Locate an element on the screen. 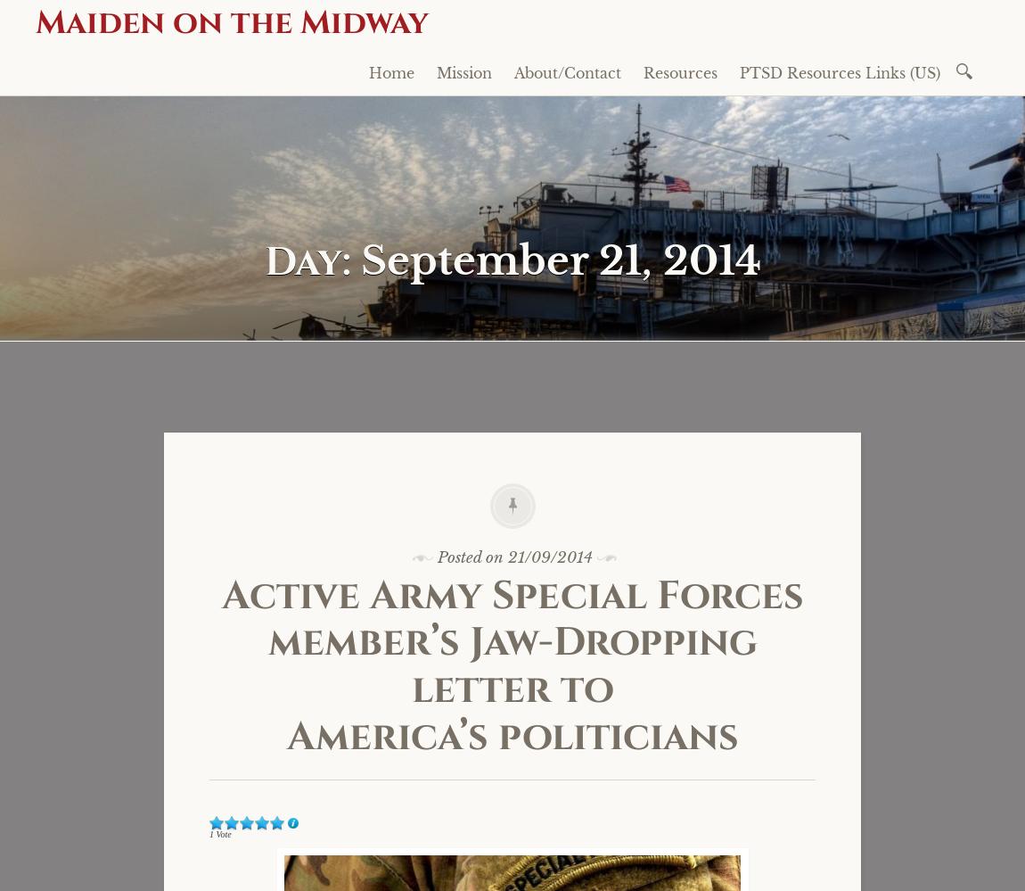 This screenshot has height=891, width=1025. 'Home' is located at coordinates (391, 71).